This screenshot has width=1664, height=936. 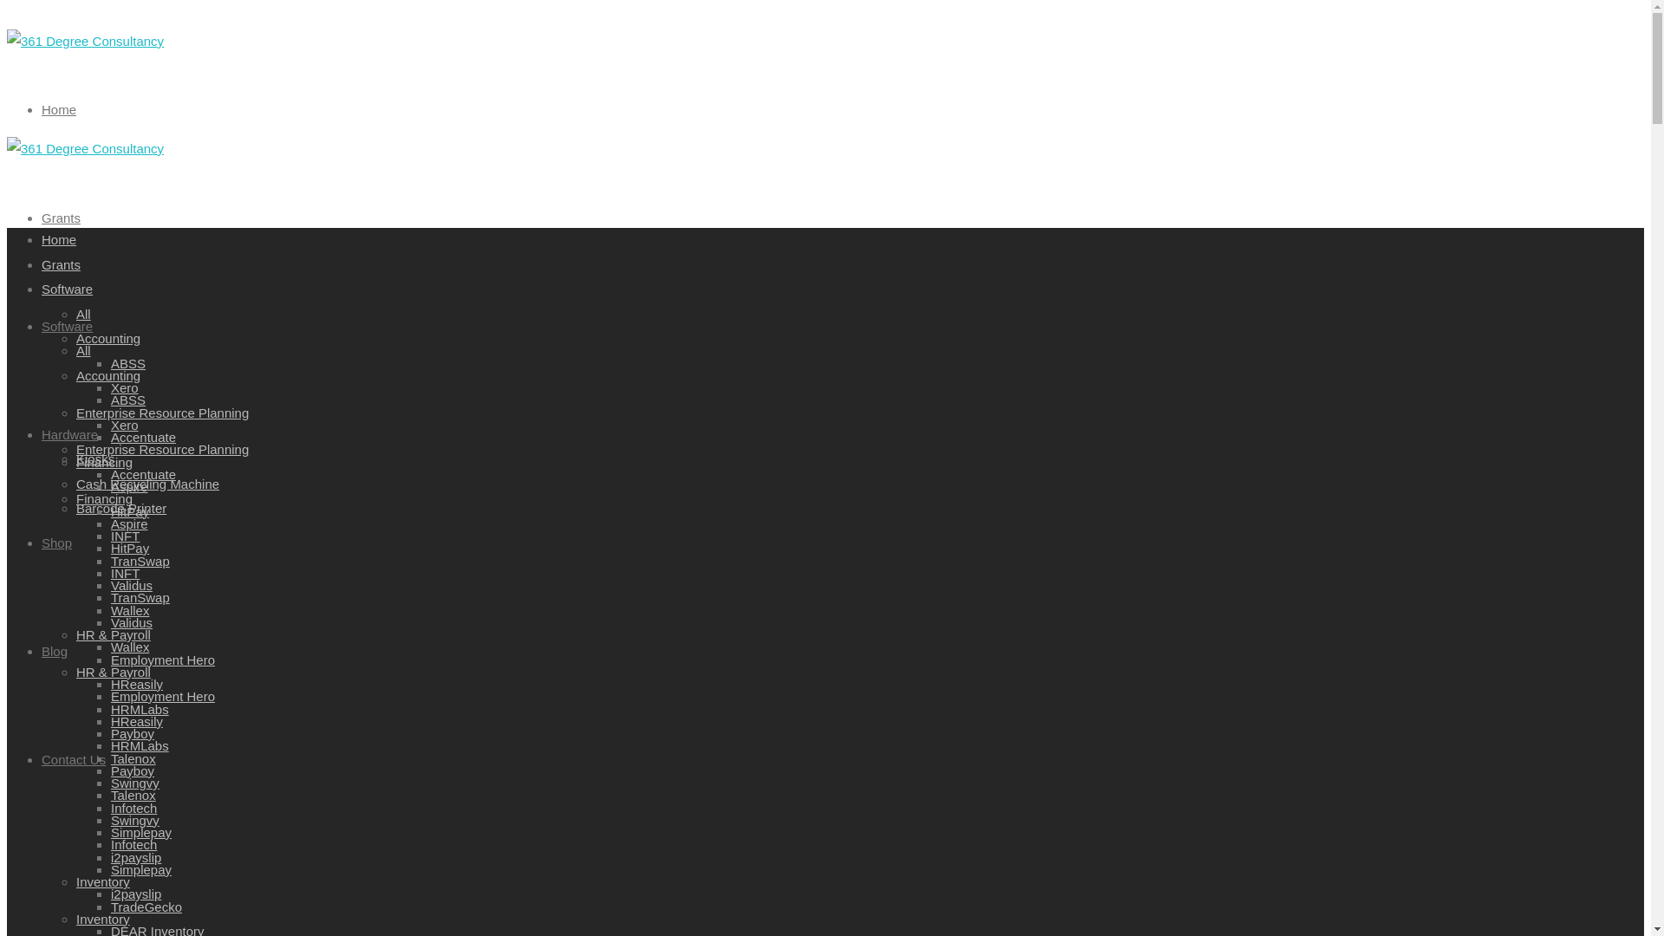 I want to click on 'ABSS', so click(x=127, y=361).